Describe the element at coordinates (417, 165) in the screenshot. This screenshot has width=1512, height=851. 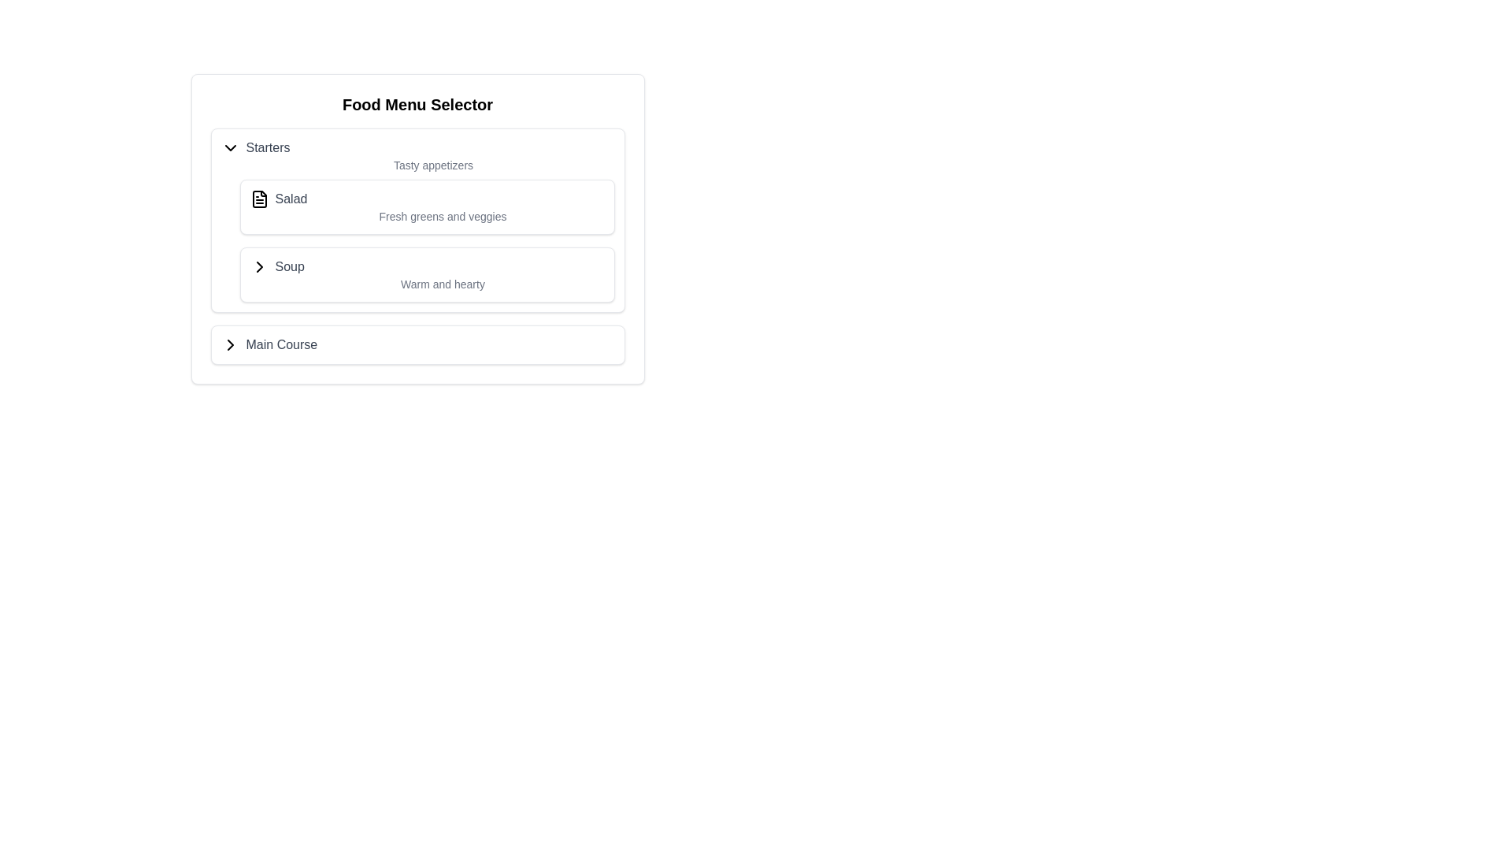
I see `the descriptive text label that provides additional details about the 'Starters' menu category, located centrally below the 'Starters' header in the 'Food Menu Selector' panel` at that location.